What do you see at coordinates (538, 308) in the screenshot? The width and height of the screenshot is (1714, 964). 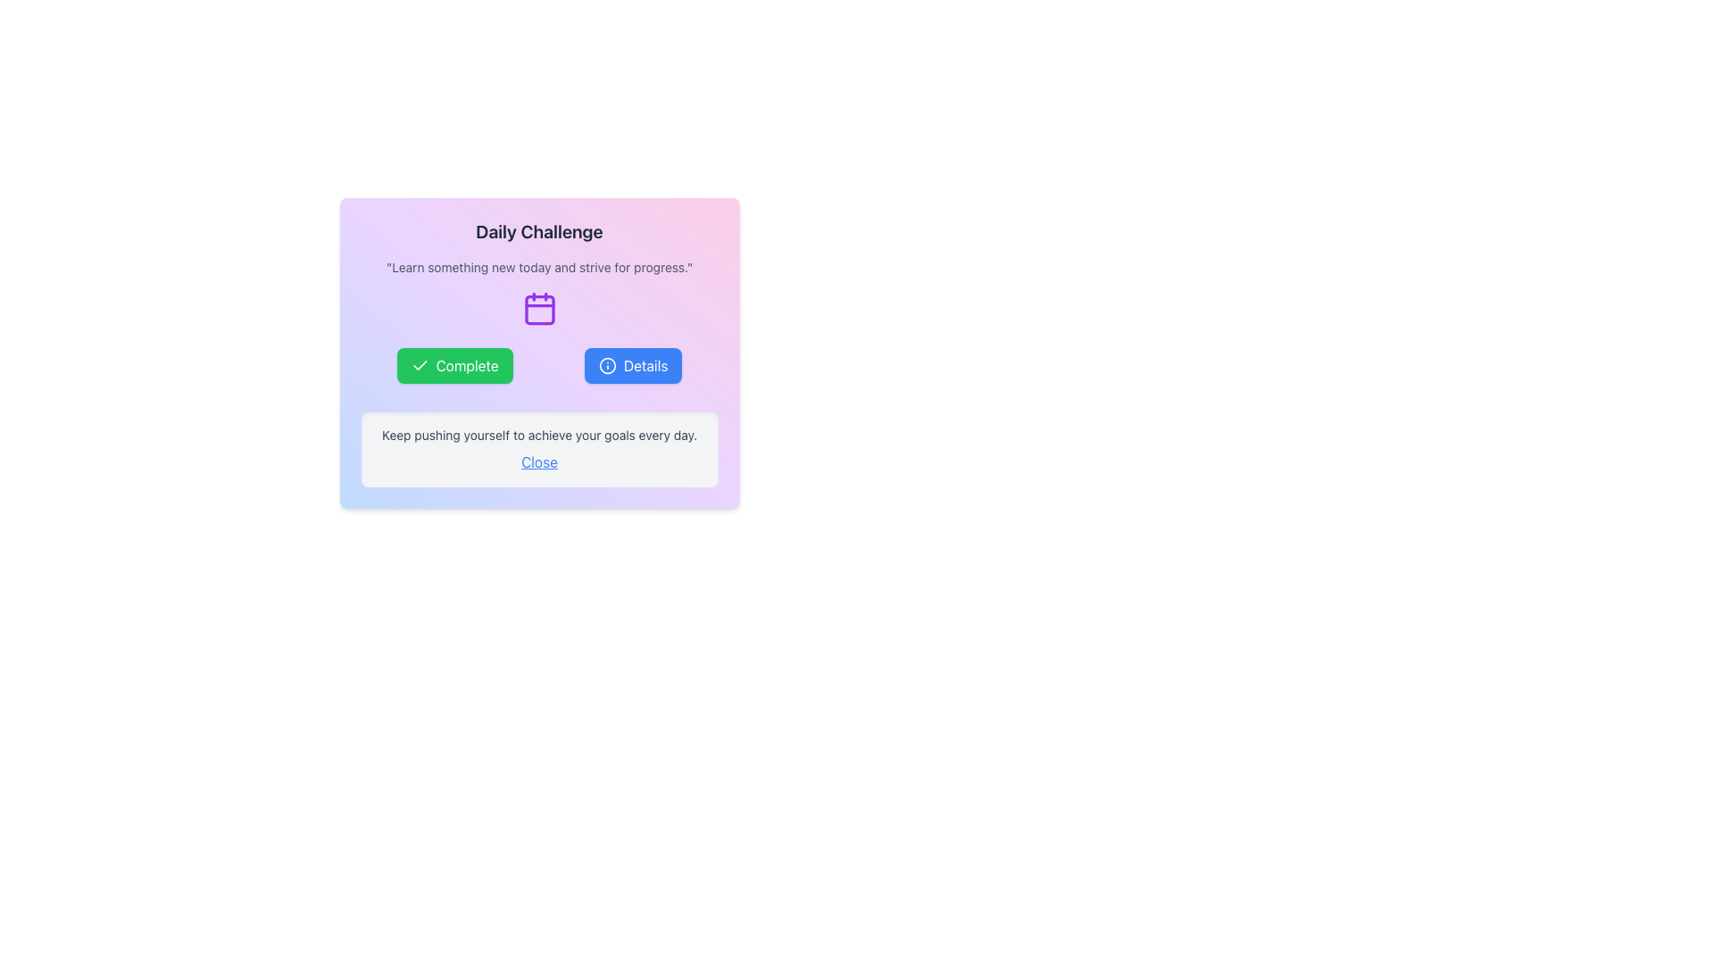 I see `the centered purple calendar icon located between the subtitle 'Learn something new today and strive for progress.' and the buttons 'Complete' and 'Details'` at bounding box center [538, 308].